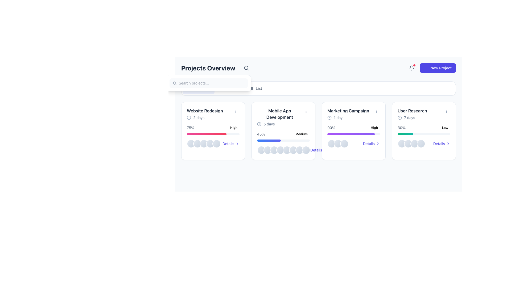 This screenshot has height=287, width=511. What do you see at coordinates (234, 128) in the screenshot?
I see `the Priority status indicator badge located in the 'Website Redesign' project card near the top-right portion, adjacent to the progress percentage label` at bounding box center [234, 128].